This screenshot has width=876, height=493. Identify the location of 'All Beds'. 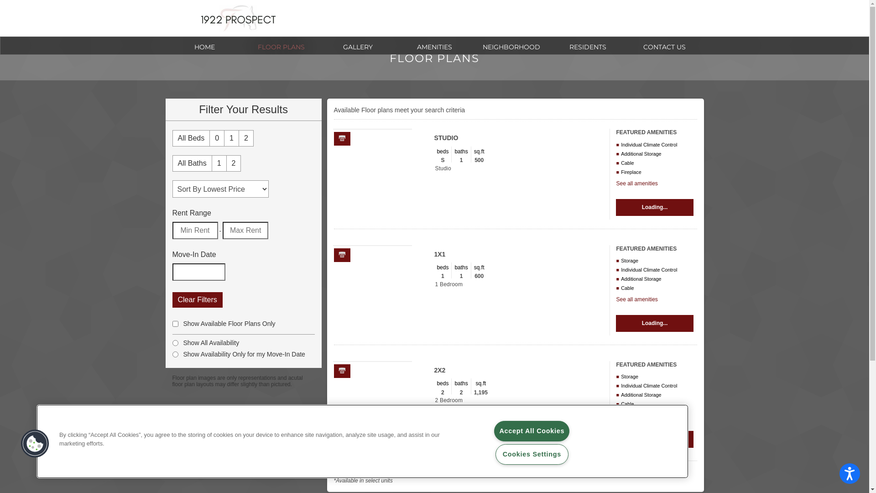
(190, 138).